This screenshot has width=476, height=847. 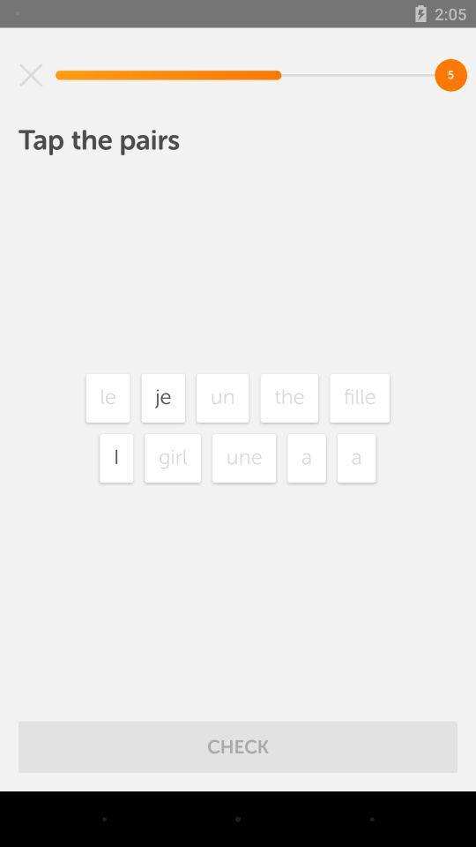 What do you see at coordinates (238, 746) in the screenshot?
I see `check icon` at bounding box center [238, 746].